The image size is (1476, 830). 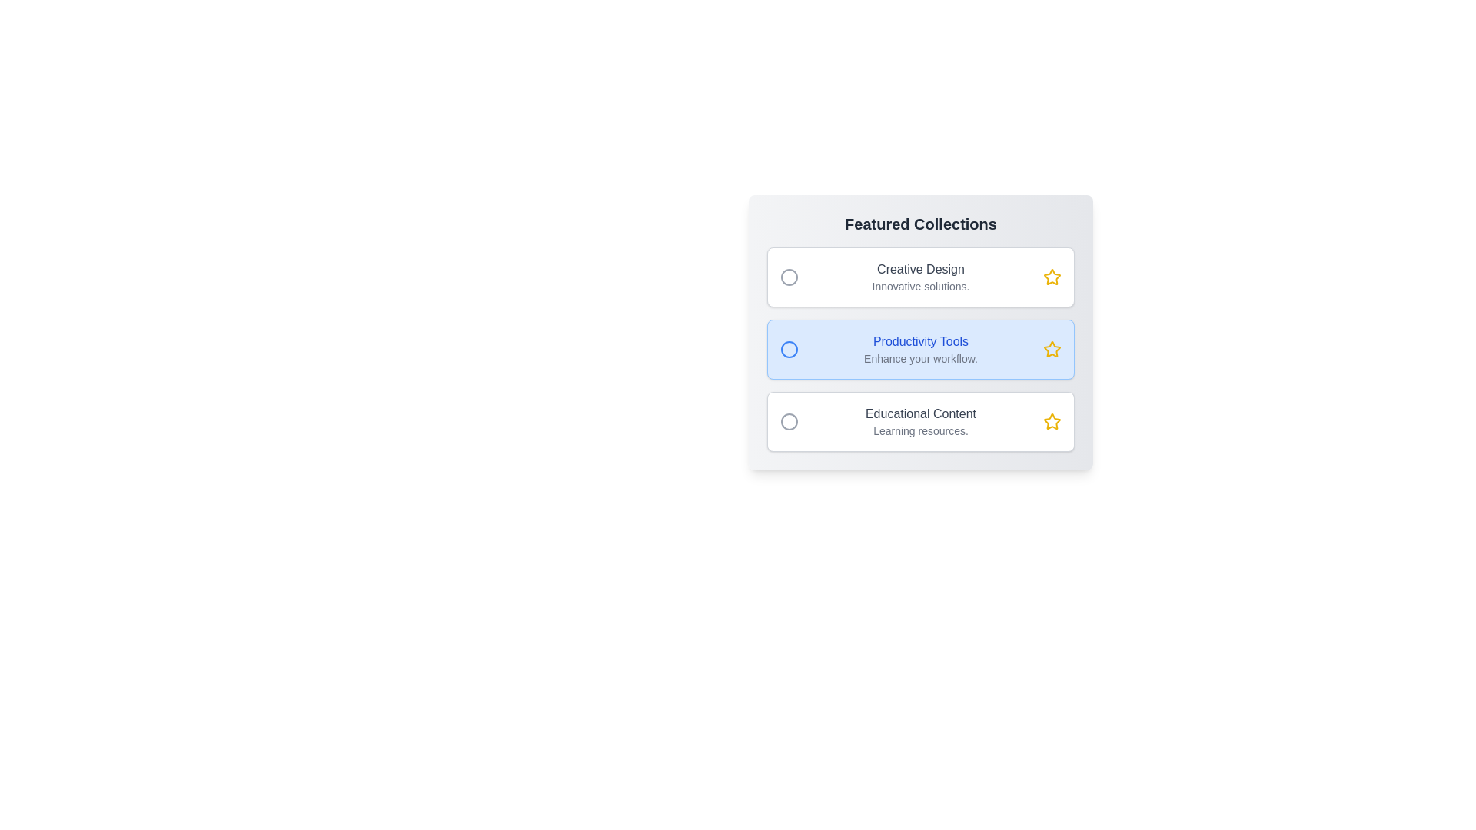 What do you see at coordinates (921, 350) in the screenshot?
I see `the item Productivity Tools in the gallery` at bounding box center [921, 350].